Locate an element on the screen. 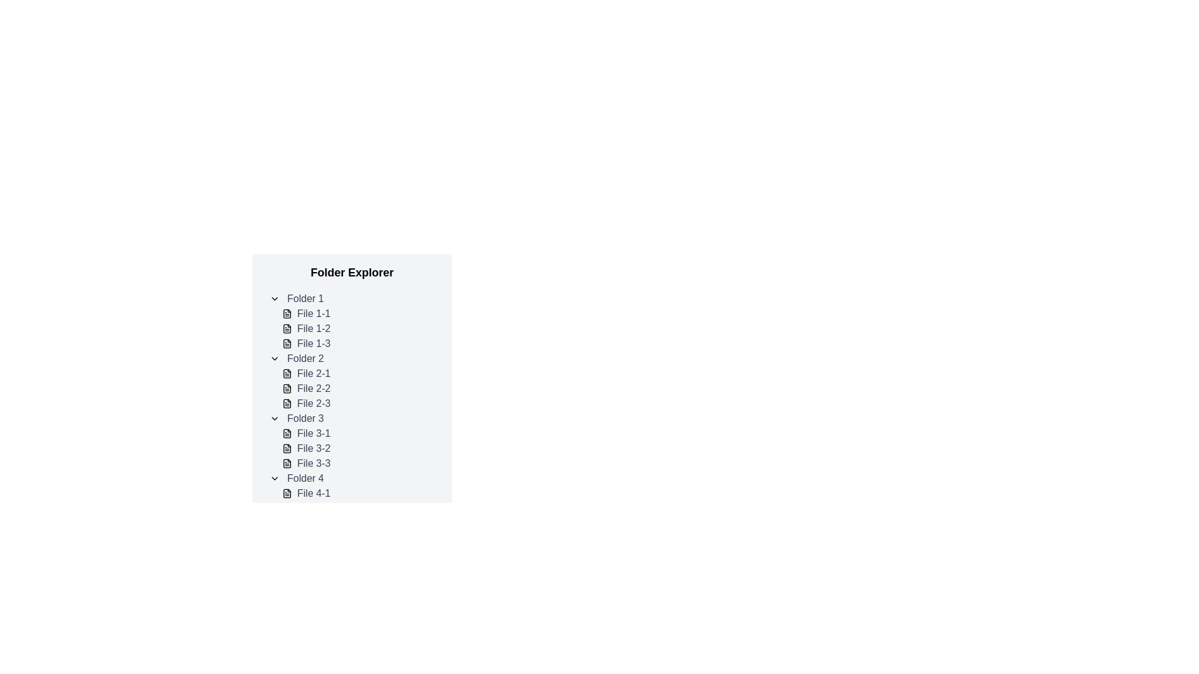 This screenshot has width=1199, height=674. the expandable folder item labeled as the fourth in the list under 'Folder Explorer' is located at coordinates (352, 500).